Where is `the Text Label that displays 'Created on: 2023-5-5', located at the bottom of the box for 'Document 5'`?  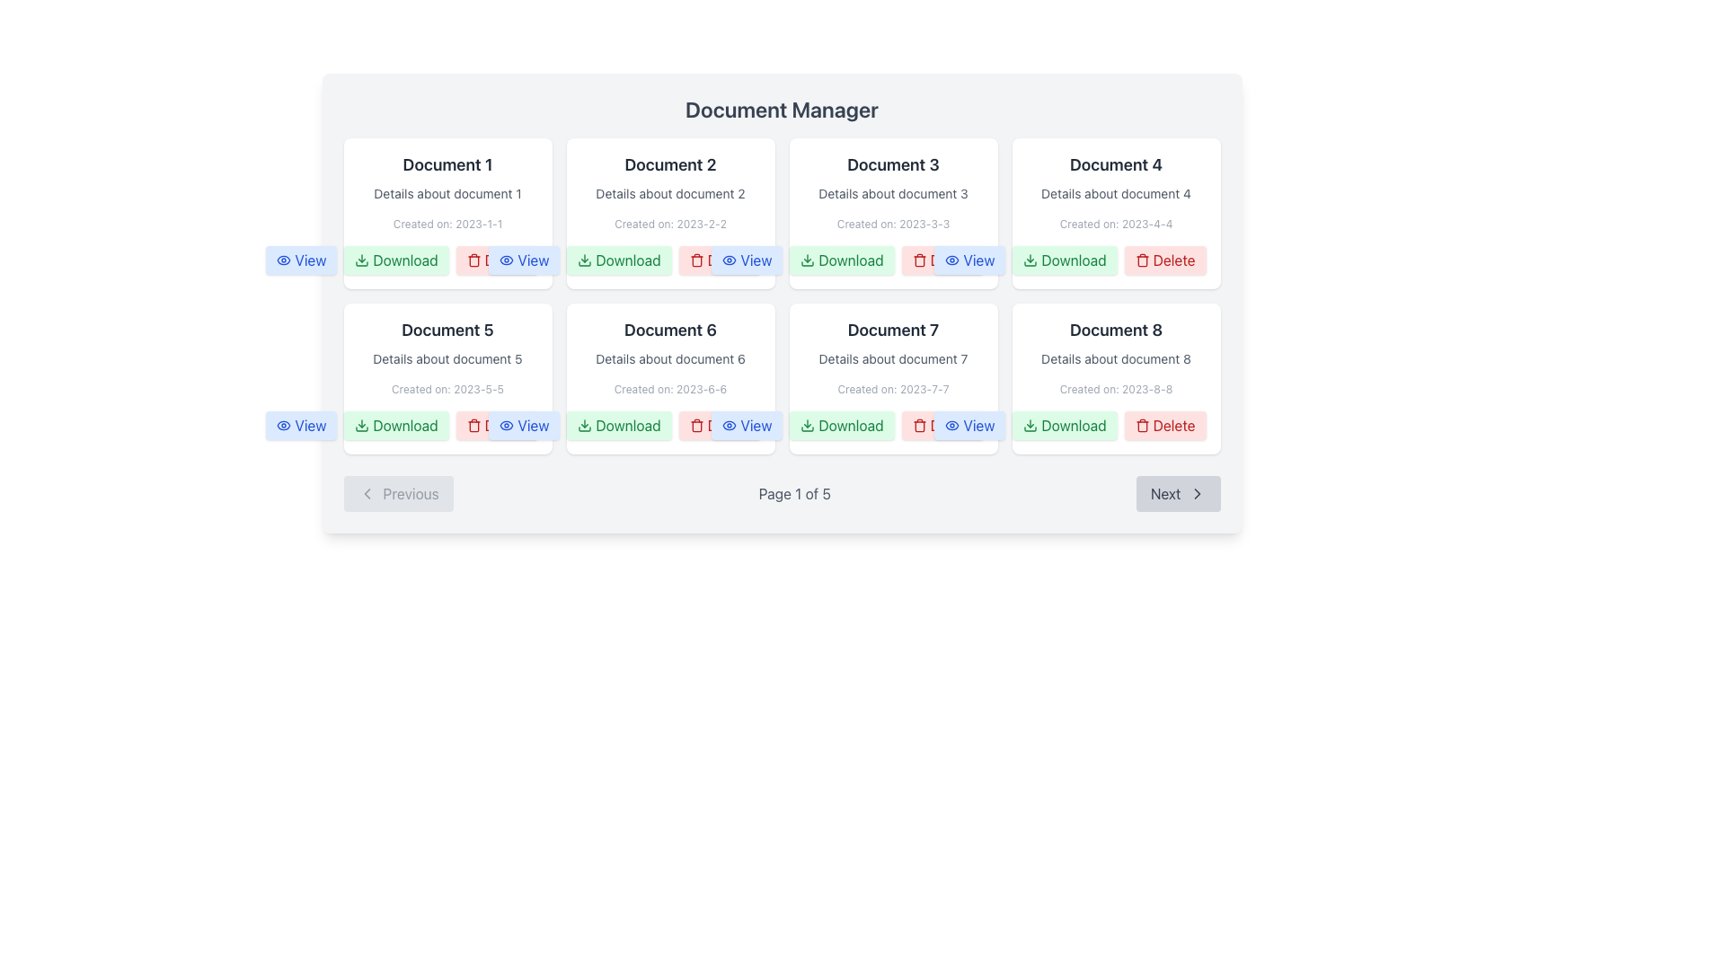
the Text Label that displays 'Created on: 2023-5-5', located at the bottom of the box for 'Document 5' is located at coordinates (447, 389).